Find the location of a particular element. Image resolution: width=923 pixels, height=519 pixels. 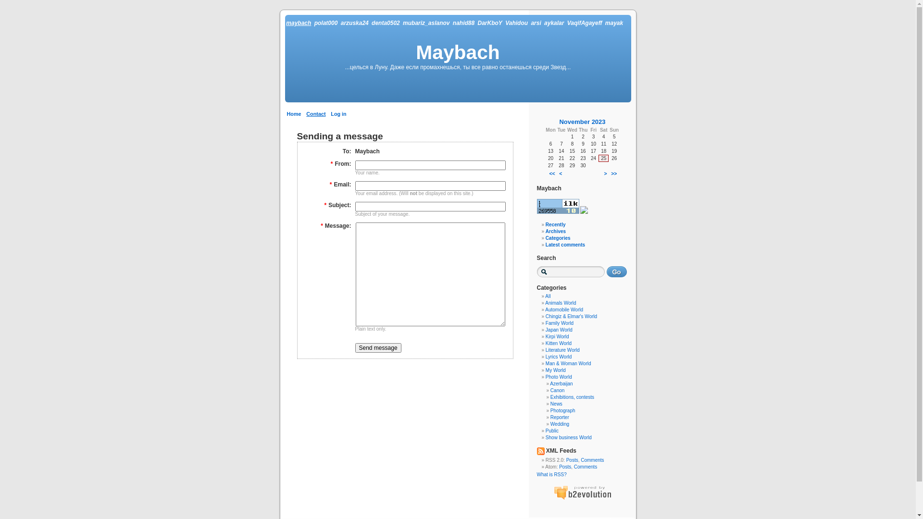

'Maybach' is located at coordinates (457, 52).